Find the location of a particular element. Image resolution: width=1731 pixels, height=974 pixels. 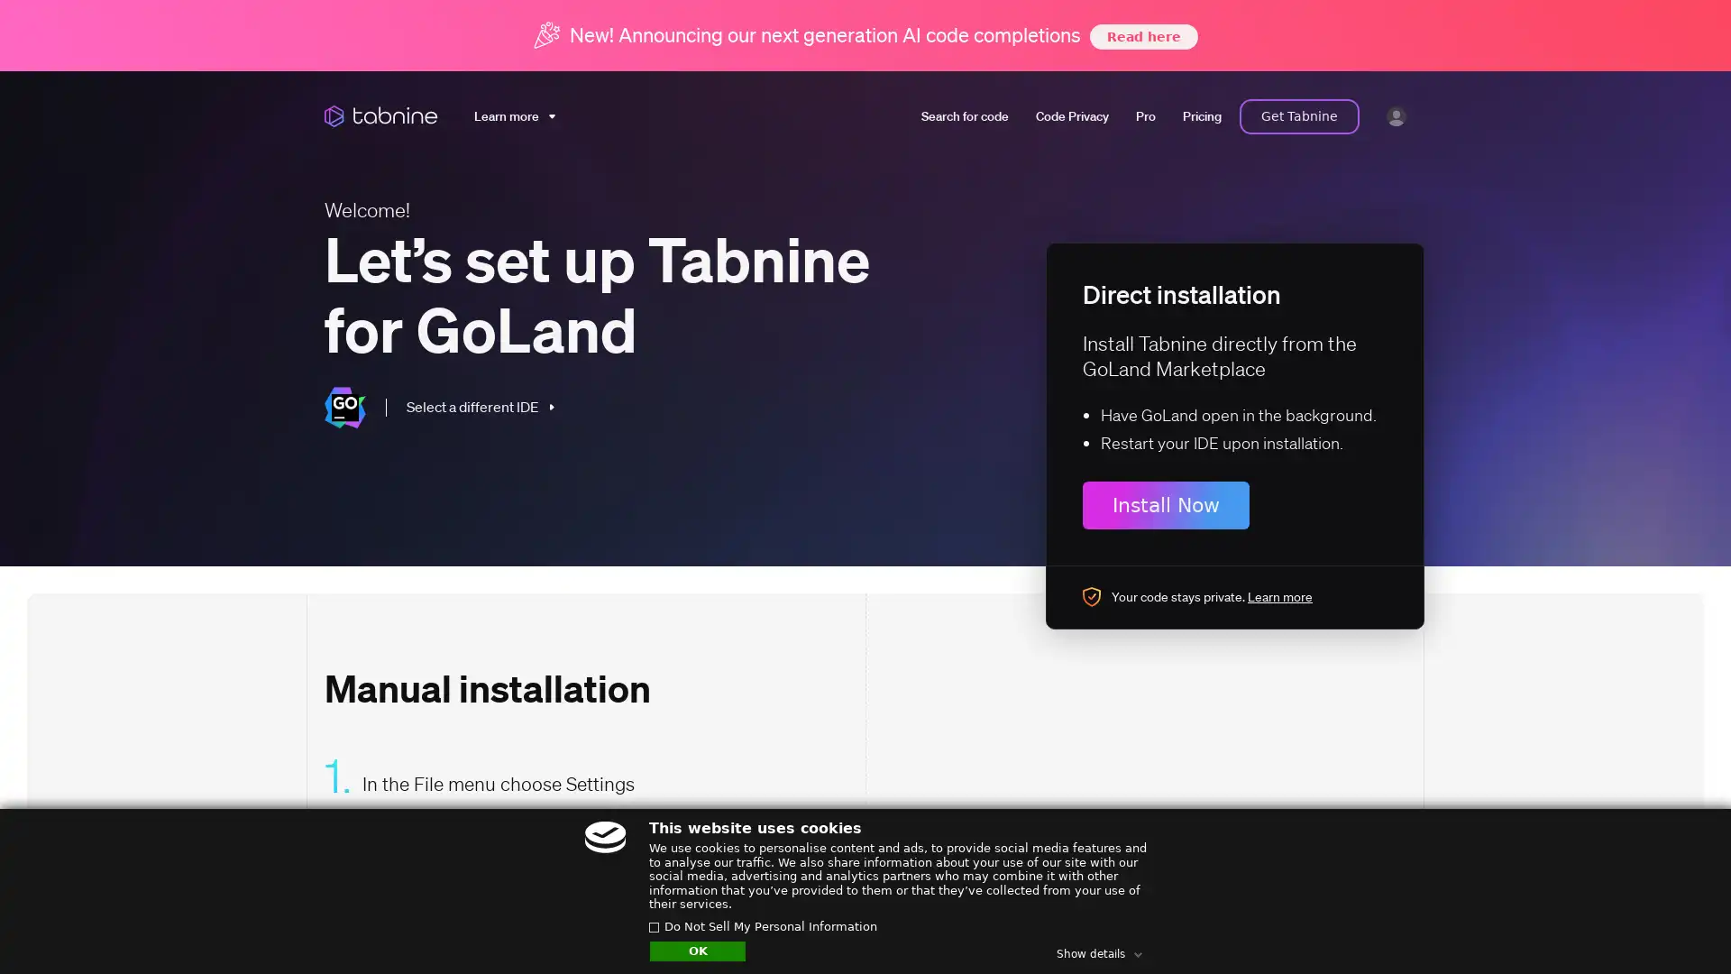

Dismiss Message is located at coordinates (1636, 905).